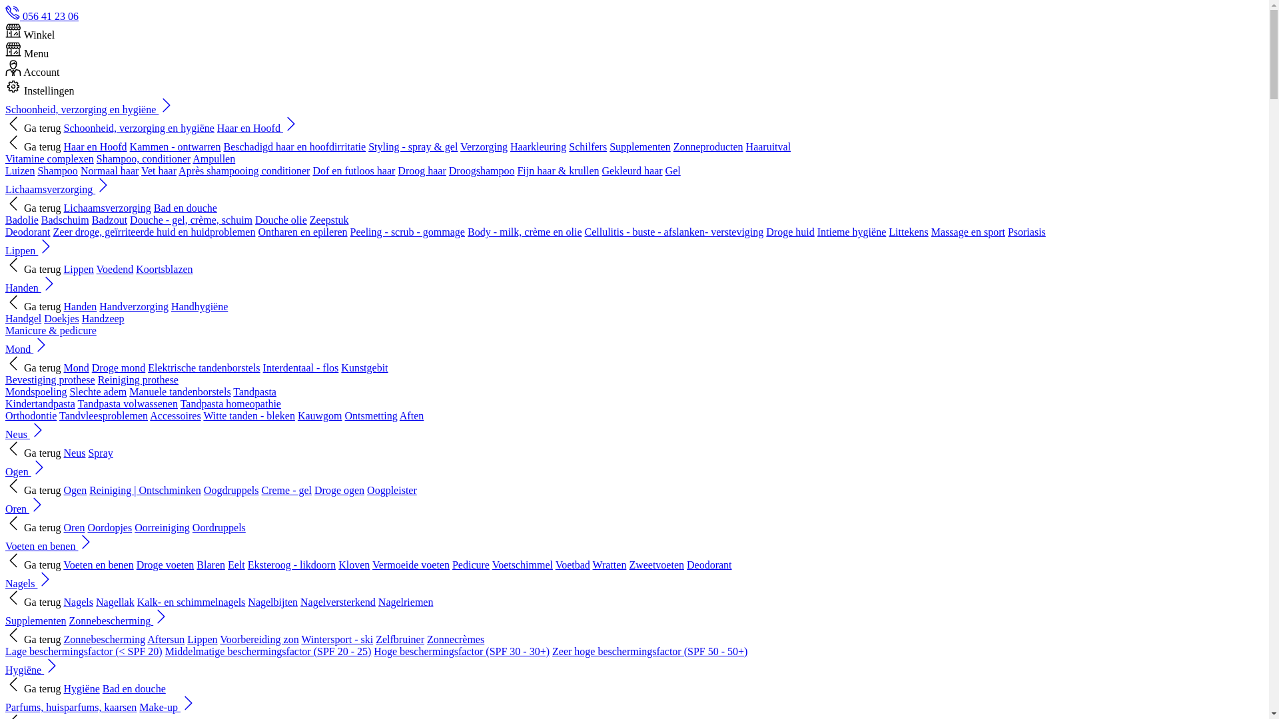  What do you see at coordinates (907, 231) in the screenshot?
I see `'Littekens'` at bounding box center [907, 231].